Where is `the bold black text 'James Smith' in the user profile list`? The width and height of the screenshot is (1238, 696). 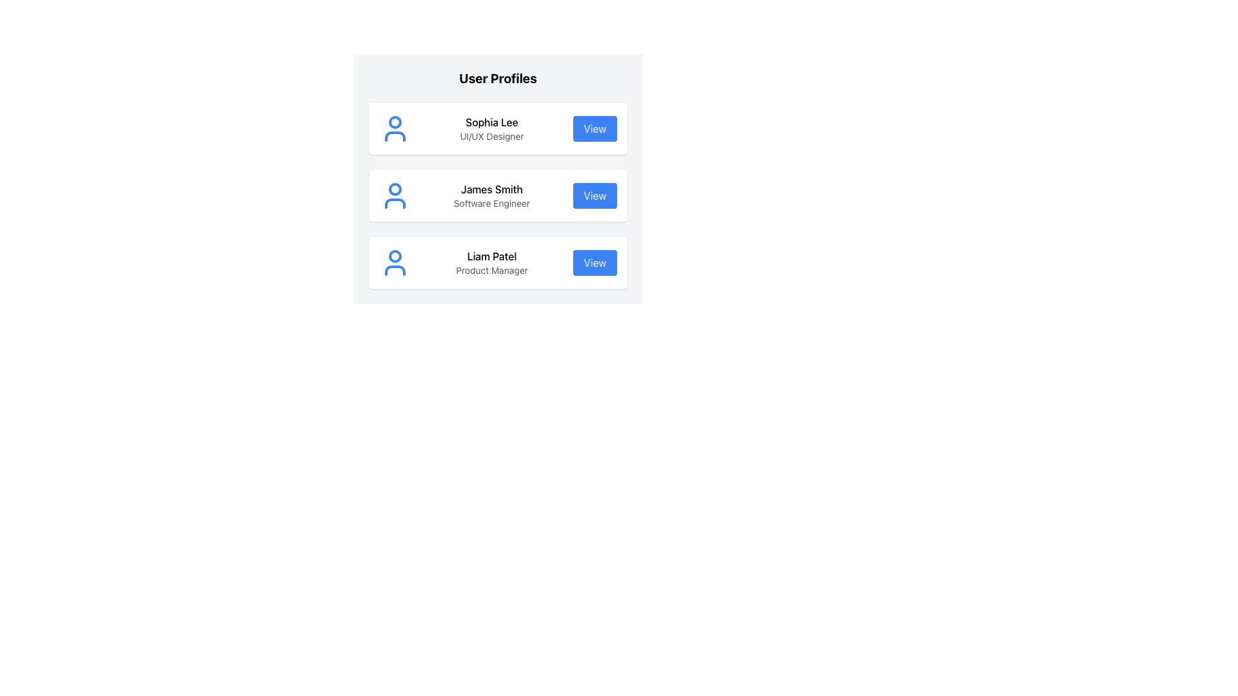 the bold black text 'James Smith' in the user profile list is located at coordinates (491, 189).